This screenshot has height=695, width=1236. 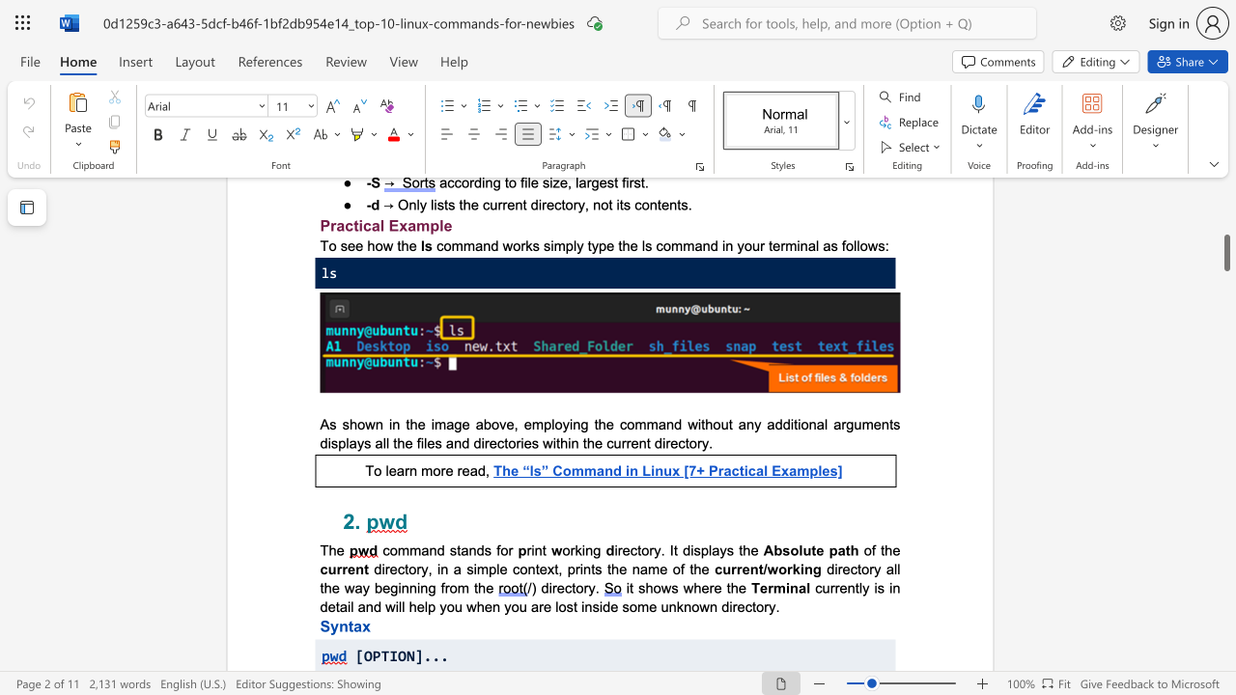 What do you see at coordinates (444, 470) in the screenshot?
I see `the subset text "e rea" within the text "To learn more read,"` at bounding box center [444, 470].